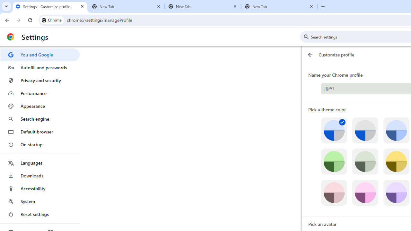 The image size is (411, 231). What do you see at coordinates (39, 145) in the screenshot?
I see `'On startup'` at bounding box center [39, 145].